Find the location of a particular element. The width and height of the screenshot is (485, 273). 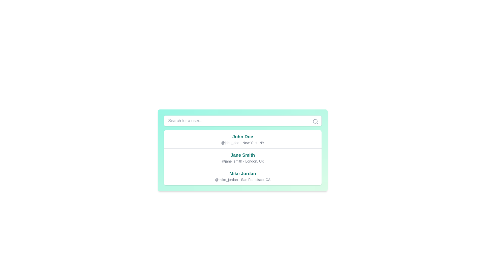

the magnifying glass icon located at the top right corner of the search bar, which features a minimalistic design in gray and is aligned with the input field is located at coordinates (315, 122).